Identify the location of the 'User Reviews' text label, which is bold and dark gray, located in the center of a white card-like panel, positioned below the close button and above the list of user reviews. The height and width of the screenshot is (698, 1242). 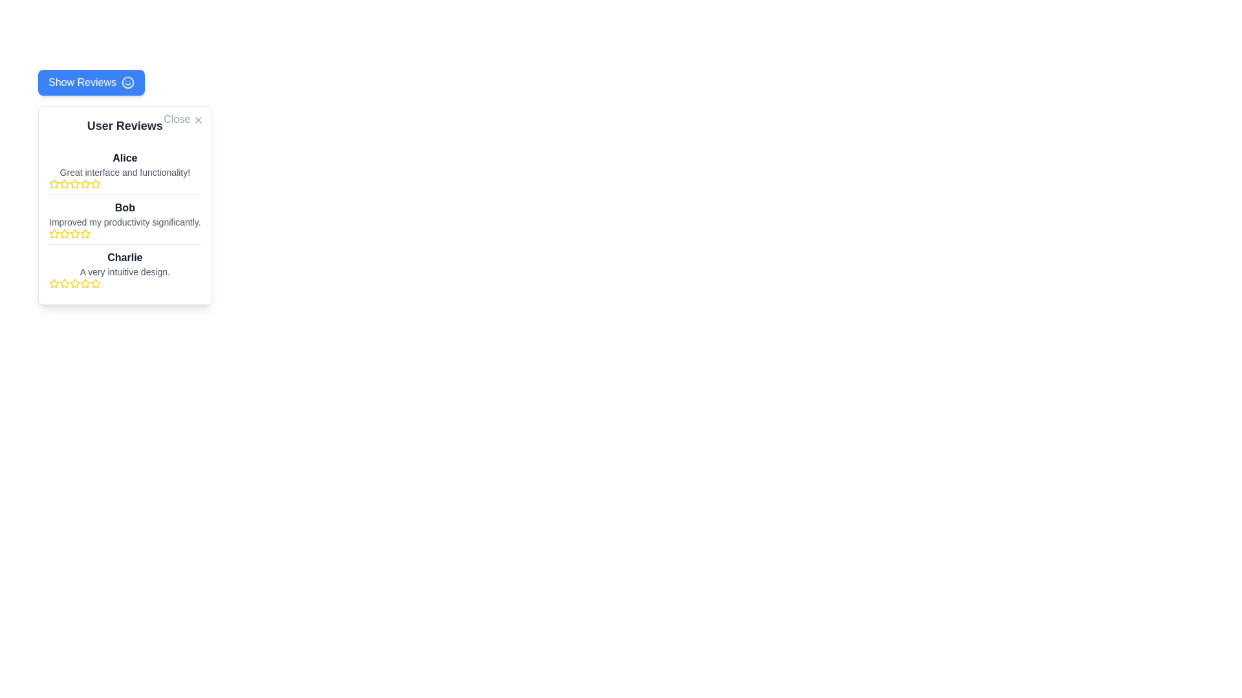
(125, 126).